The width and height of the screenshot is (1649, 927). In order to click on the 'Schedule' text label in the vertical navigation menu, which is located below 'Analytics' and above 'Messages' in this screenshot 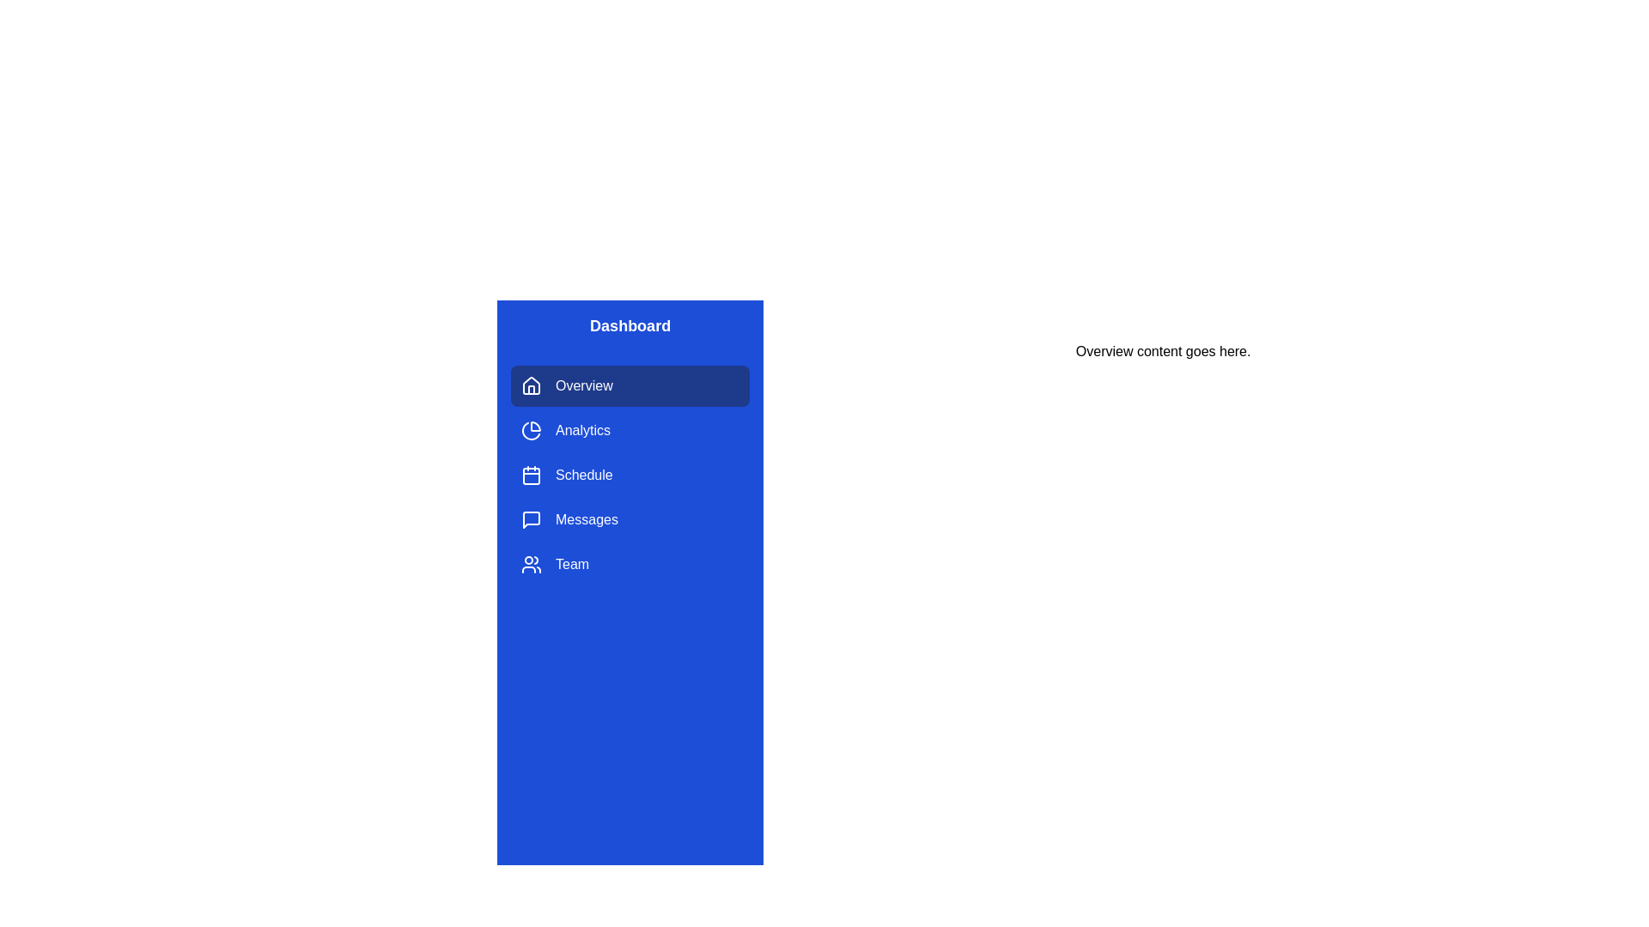, I will do `click(584, 476)`.